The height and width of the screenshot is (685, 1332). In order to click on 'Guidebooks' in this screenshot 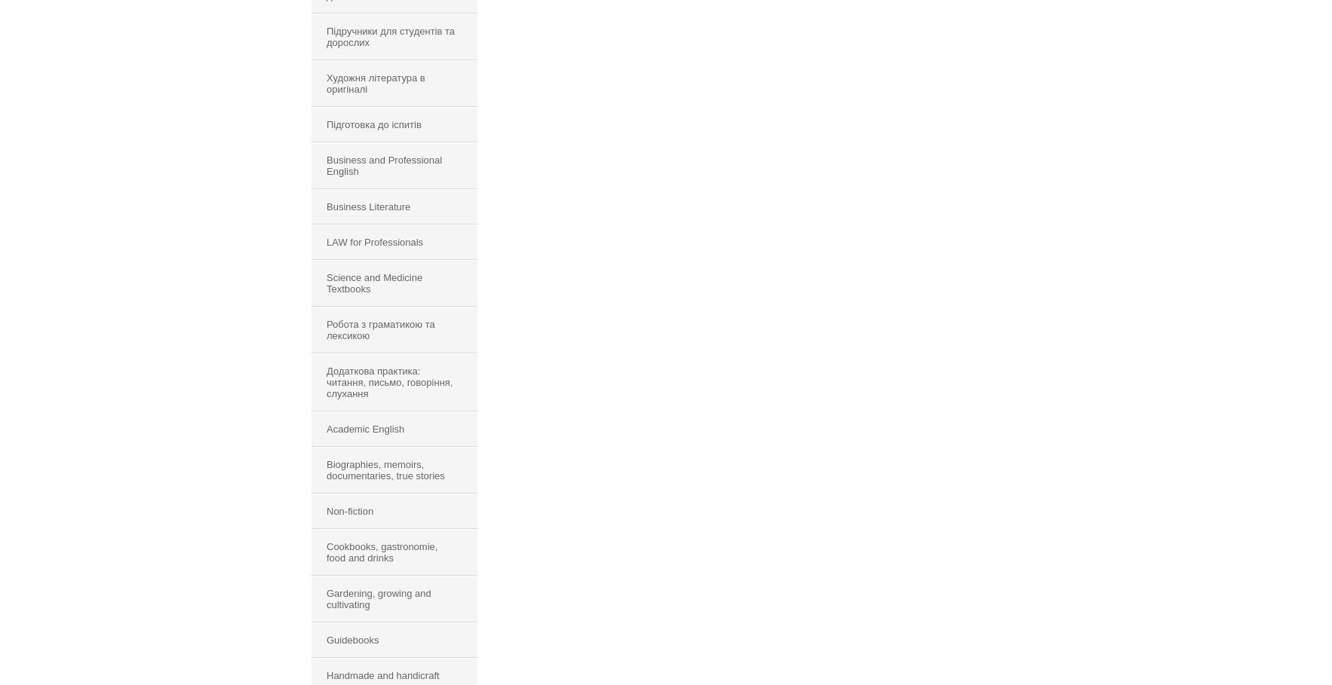, I will do `click(352, 639)`.